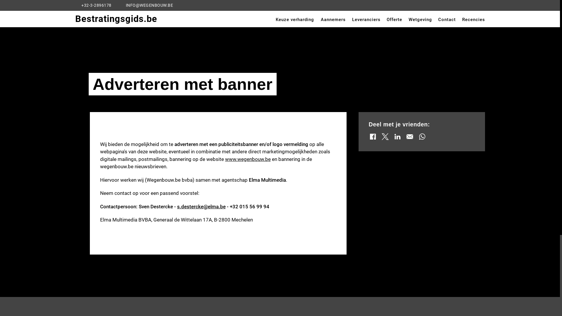 The image size is (562, 316). What do you see at coordinates (420, 20) in the screenshot?
I see `'Wetgeving'` at bounding box center [420, 20].